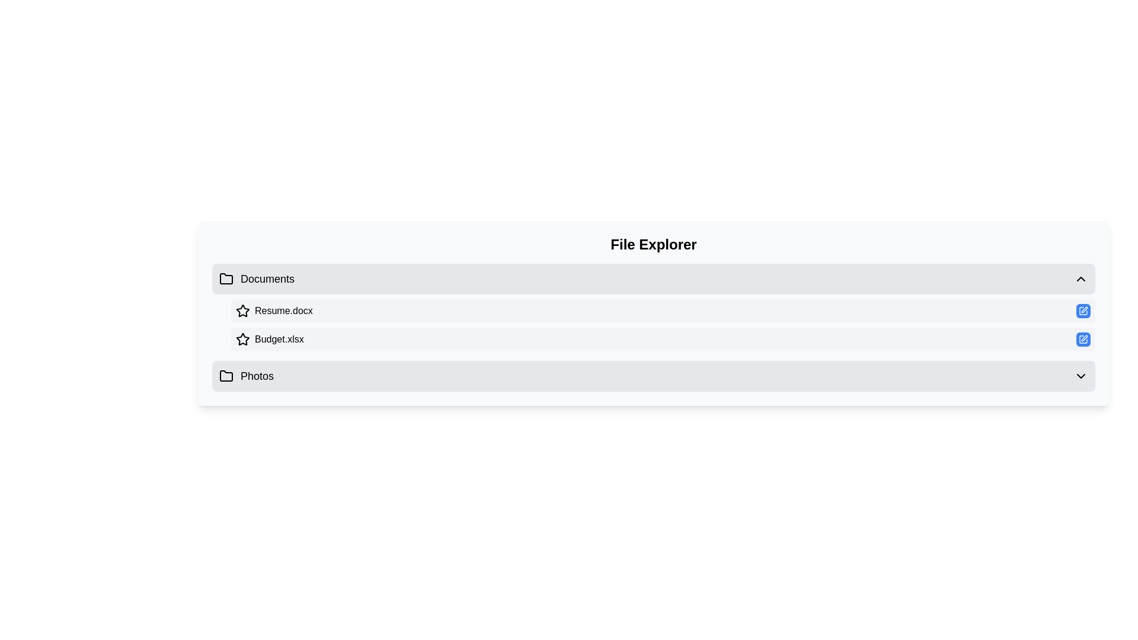 This screenshot has width=1138, height=640. I want to click on the Text Label with Icon indicating the folder containing photos, so click(246, 376).